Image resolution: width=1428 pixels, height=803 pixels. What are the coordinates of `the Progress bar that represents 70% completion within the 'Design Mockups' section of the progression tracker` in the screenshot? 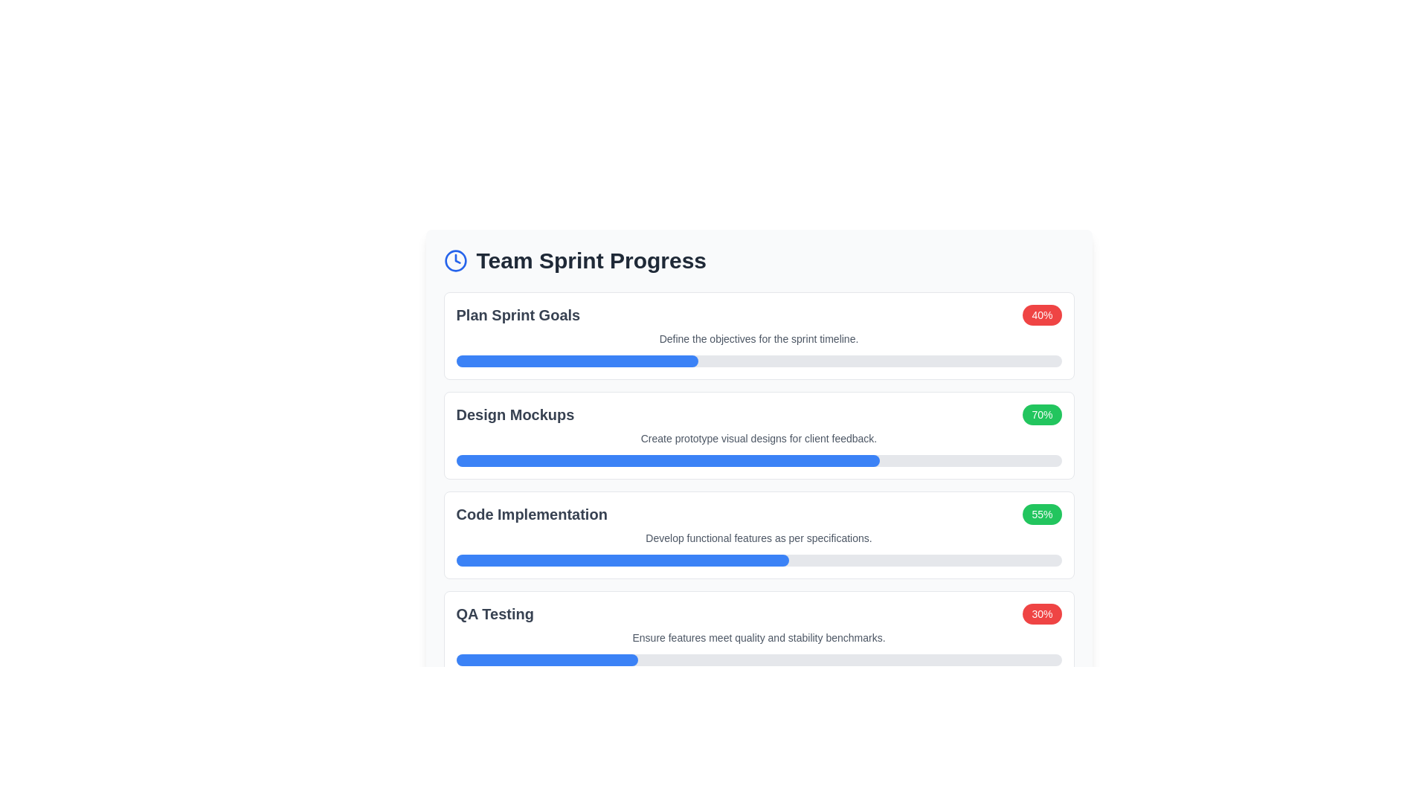 It's located at (667, 460).